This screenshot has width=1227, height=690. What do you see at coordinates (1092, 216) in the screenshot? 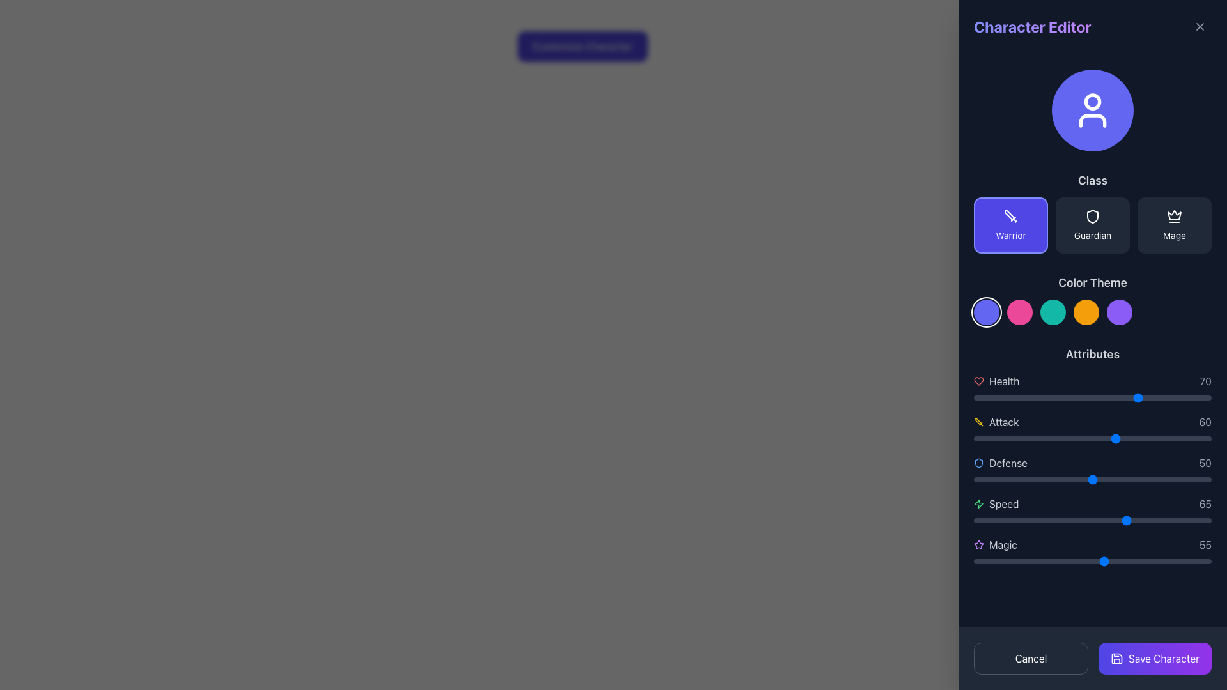
I see `the shield icon at the top-center of the 'Guardian' selection card` at bounding box center [1092, 216].